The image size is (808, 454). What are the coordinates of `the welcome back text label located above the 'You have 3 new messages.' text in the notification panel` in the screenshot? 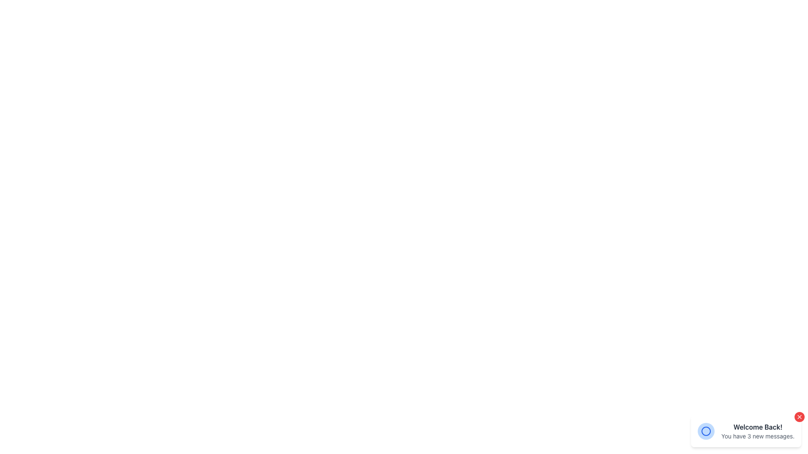 It's located at (758, 427).